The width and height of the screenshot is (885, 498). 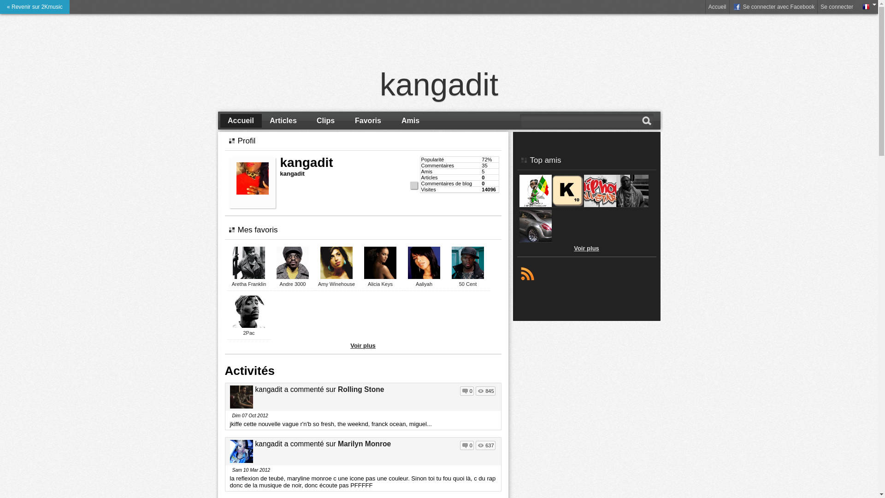 What do you see at coordinates (439, 84) in the screenshot?
I see `'kangadit'` at bounding box center [439, 84].